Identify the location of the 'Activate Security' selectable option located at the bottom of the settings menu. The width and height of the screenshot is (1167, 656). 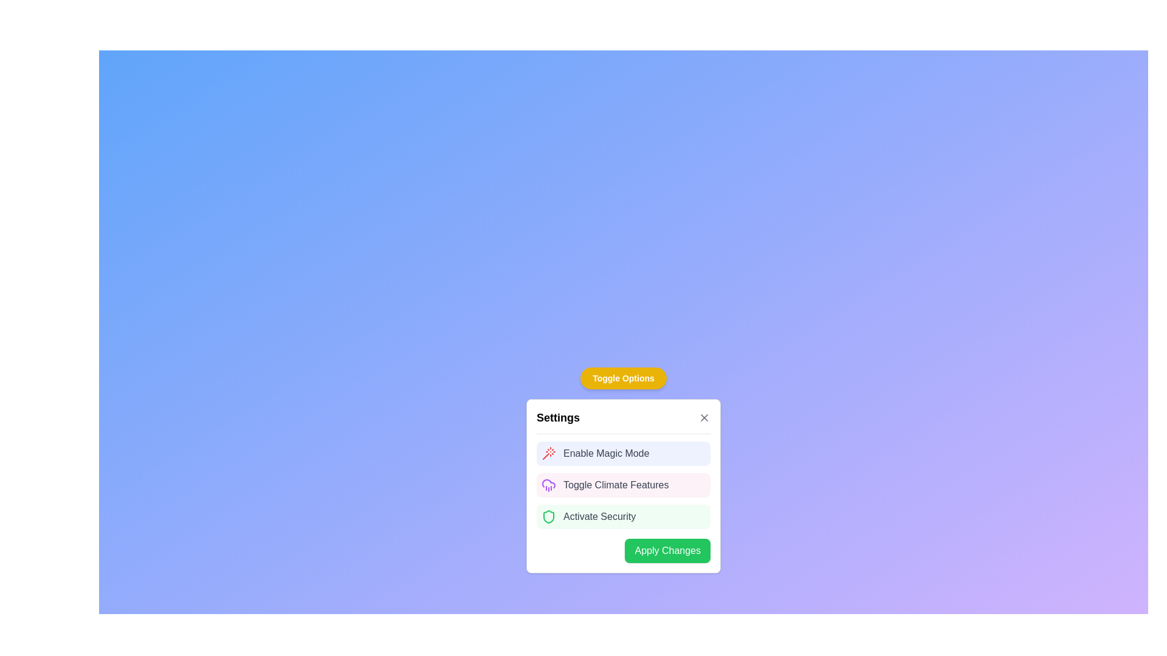
(624, 517).